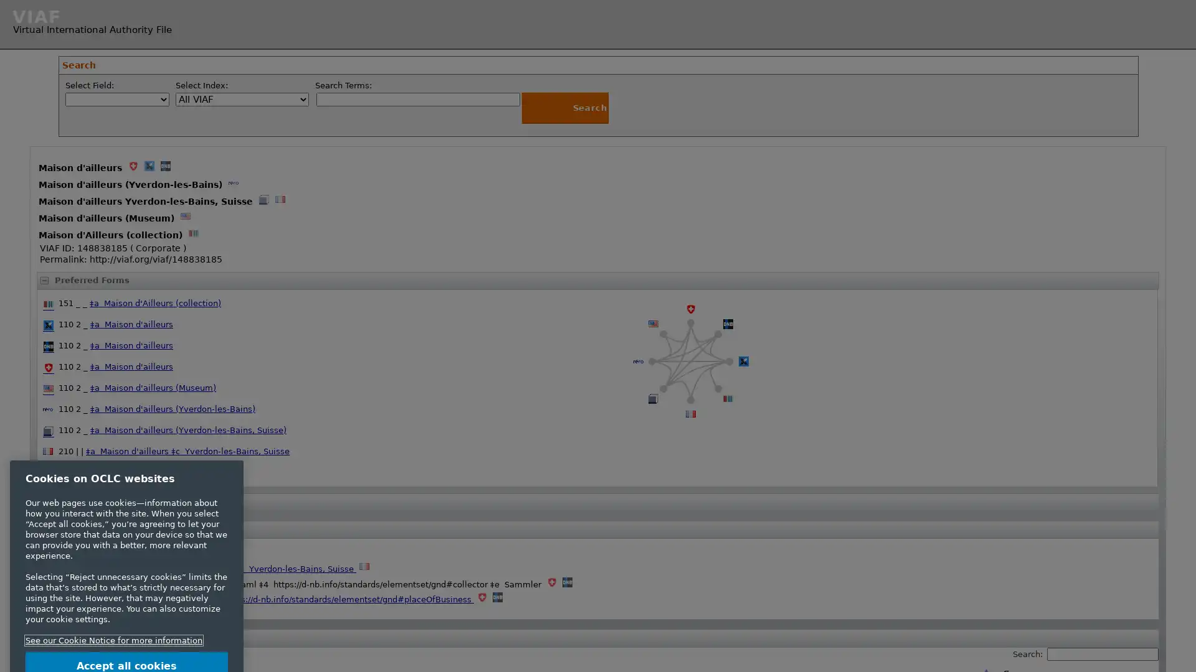 Image resolution: width=1196 pixels, height=672 pixels. What do you see at coordinates (564, 106) in the screenshot?
I see `Search` at bounding box center [564, 106].